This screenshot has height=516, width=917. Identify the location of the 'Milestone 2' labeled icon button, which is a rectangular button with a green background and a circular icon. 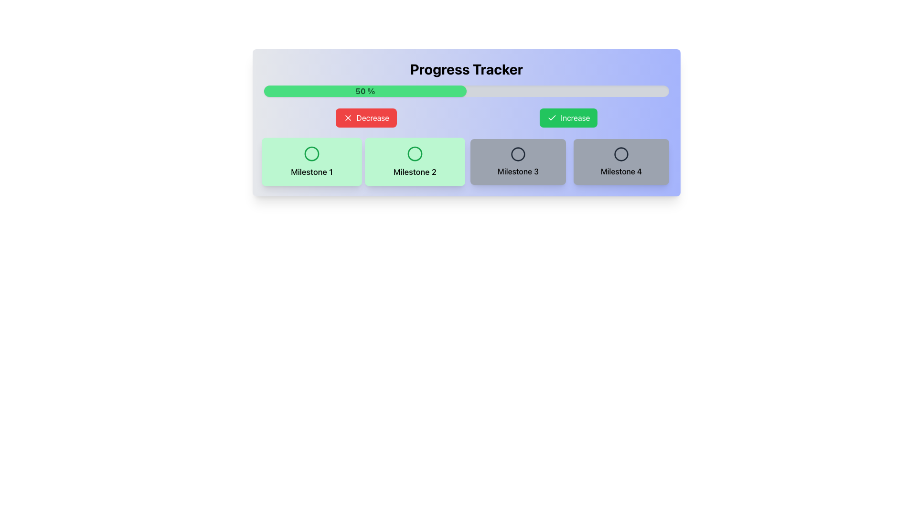
(415, 161).